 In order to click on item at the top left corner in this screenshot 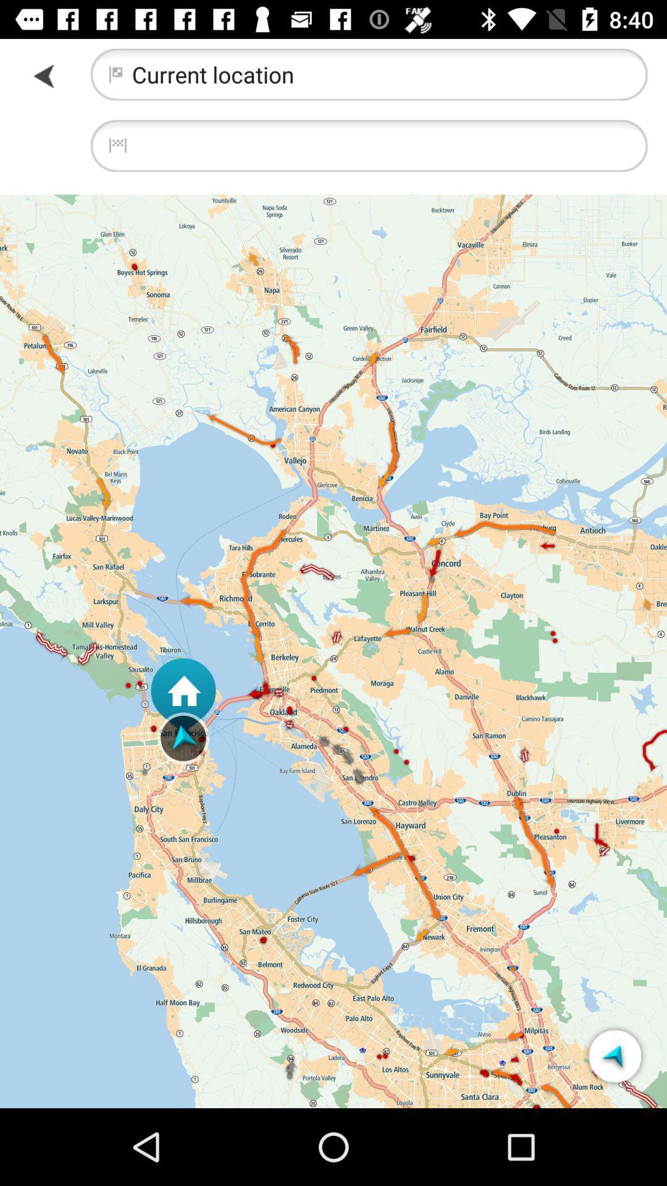, I will do `click(44, 75)`.